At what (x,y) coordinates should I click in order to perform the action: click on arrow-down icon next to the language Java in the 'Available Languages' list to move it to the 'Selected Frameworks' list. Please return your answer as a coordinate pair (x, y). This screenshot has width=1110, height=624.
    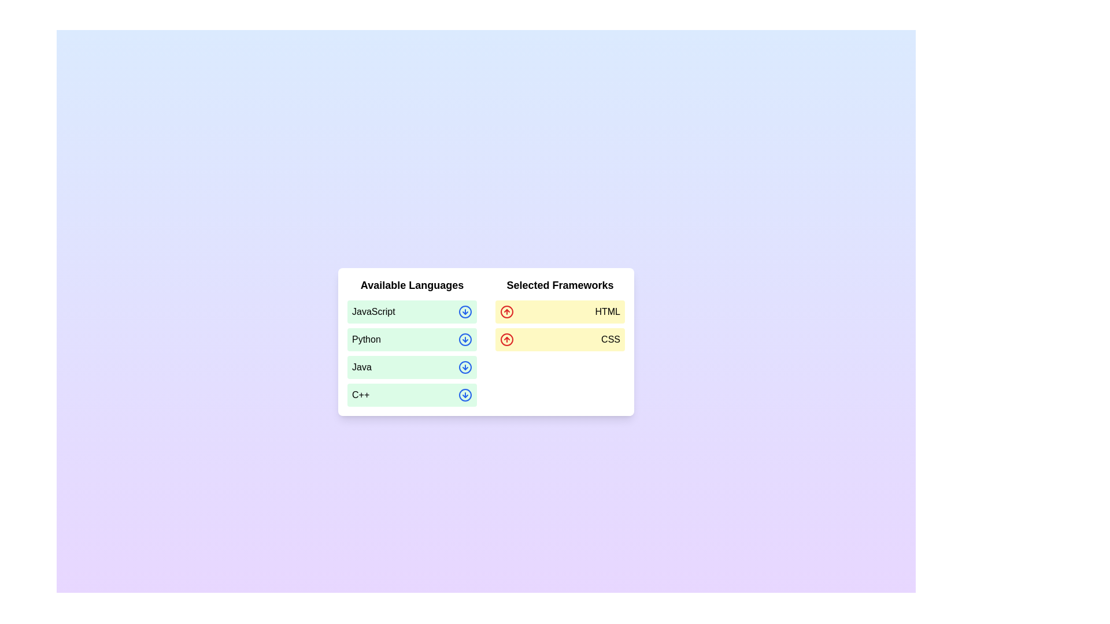
    Looking at the image, I should click on (465, 367).